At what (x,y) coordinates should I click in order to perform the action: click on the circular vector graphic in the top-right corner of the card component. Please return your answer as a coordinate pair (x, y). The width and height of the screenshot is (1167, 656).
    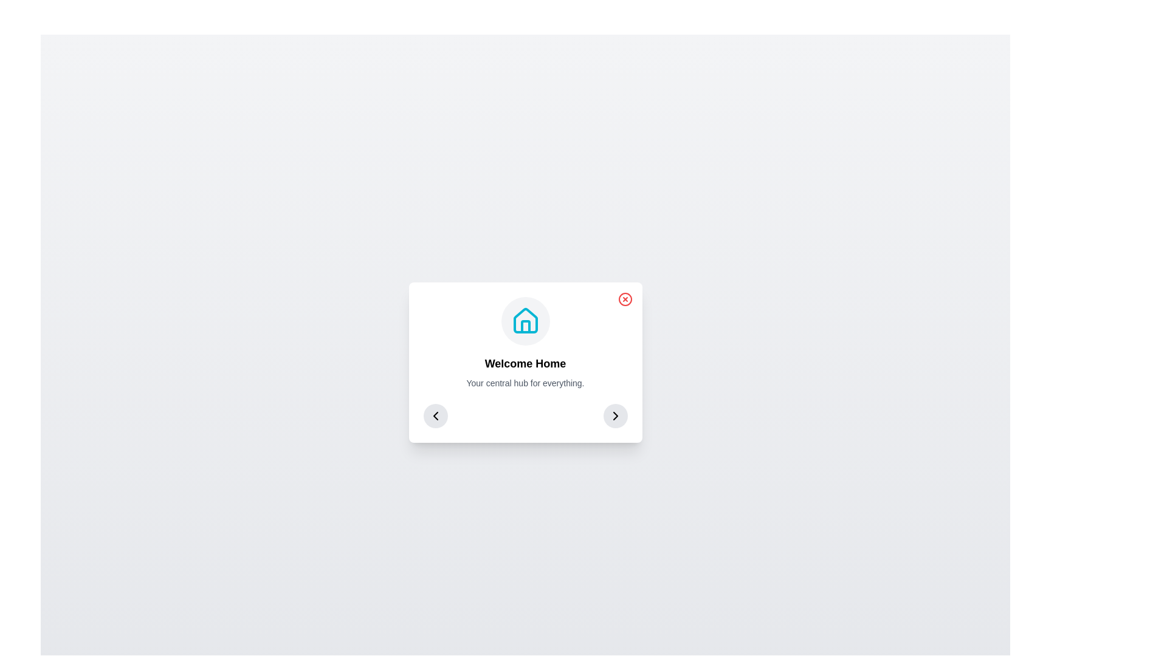
    Looking at the image, I should click on (625, 299).